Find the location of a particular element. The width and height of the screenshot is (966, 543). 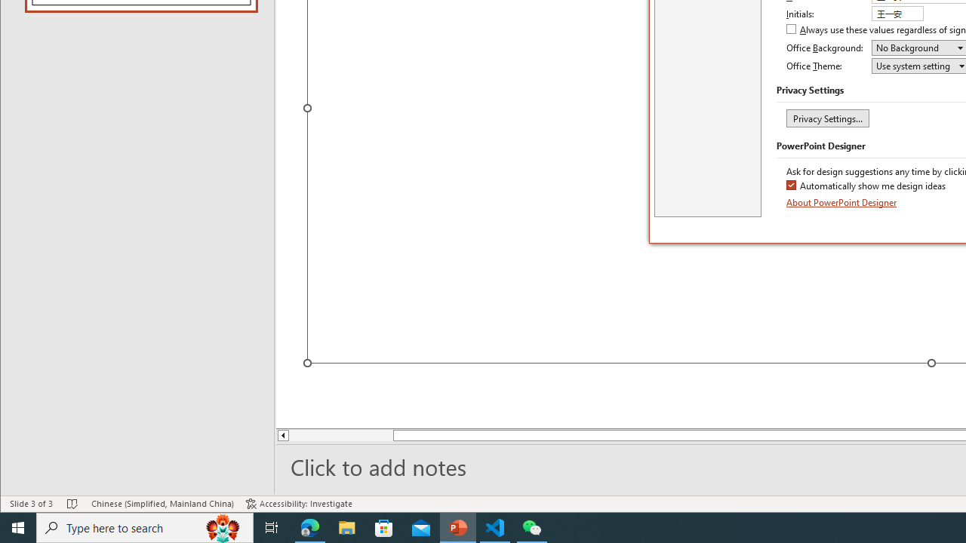

'WeChat - 1 running window' is located at coordinates (532, 526).